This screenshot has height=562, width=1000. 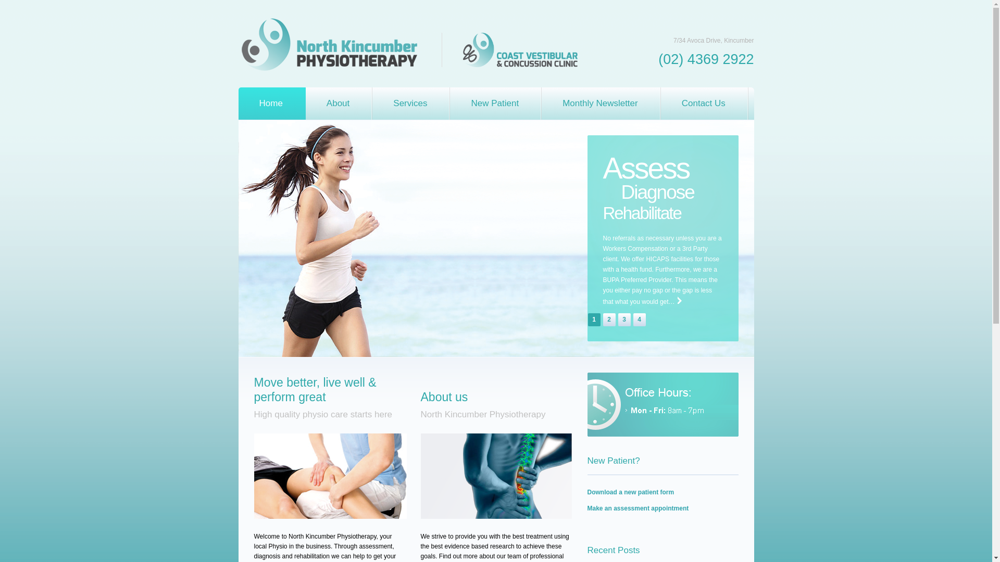 I want to click on 'Home', so click(x=272, y=104).